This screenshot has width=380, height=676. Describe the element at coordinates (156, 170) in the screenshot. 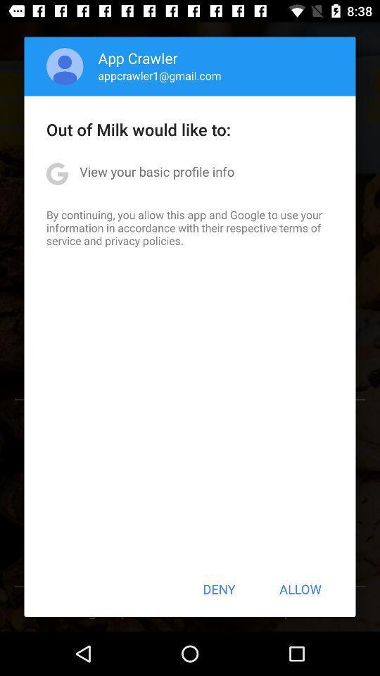

I see `view your basic icon` at that location.